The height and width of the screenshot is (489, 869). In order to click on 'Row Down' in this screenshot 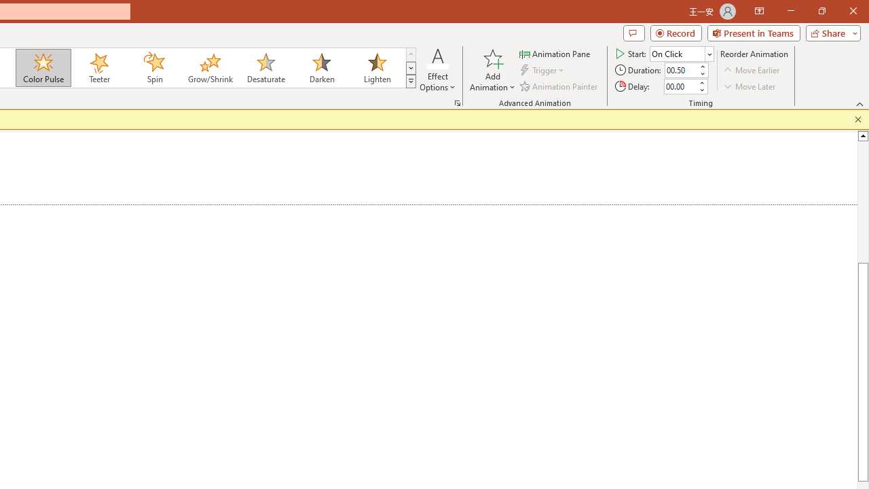, I will do `click(410, 68)`.